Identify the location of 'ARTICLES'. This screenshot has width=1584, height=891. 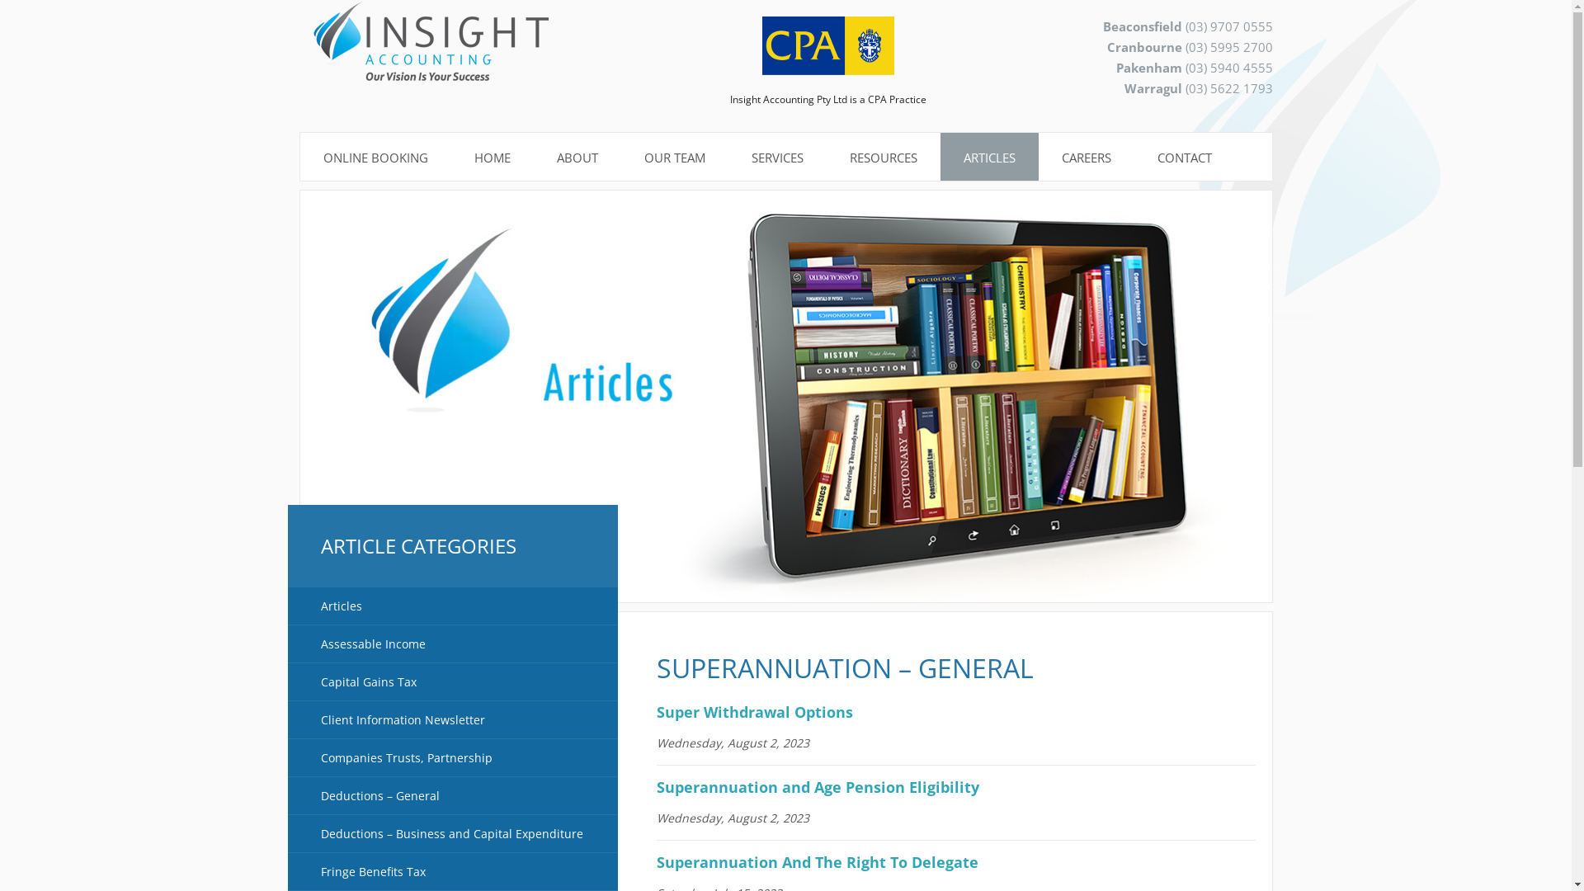
(989, 158).